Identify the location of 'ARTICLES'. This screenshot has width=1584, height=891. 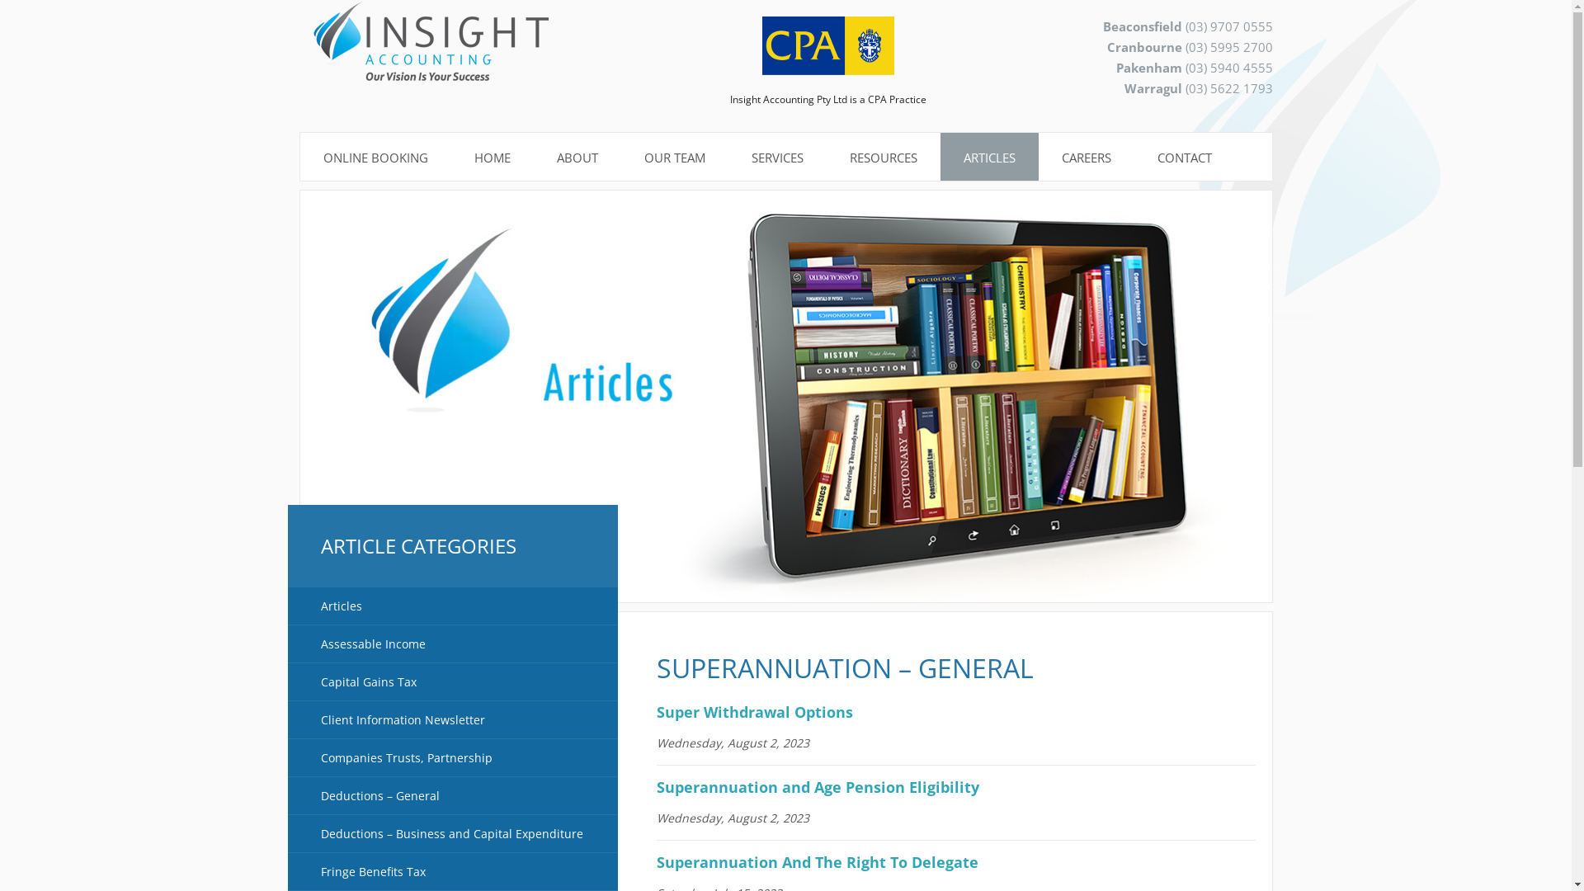
(989, 158).